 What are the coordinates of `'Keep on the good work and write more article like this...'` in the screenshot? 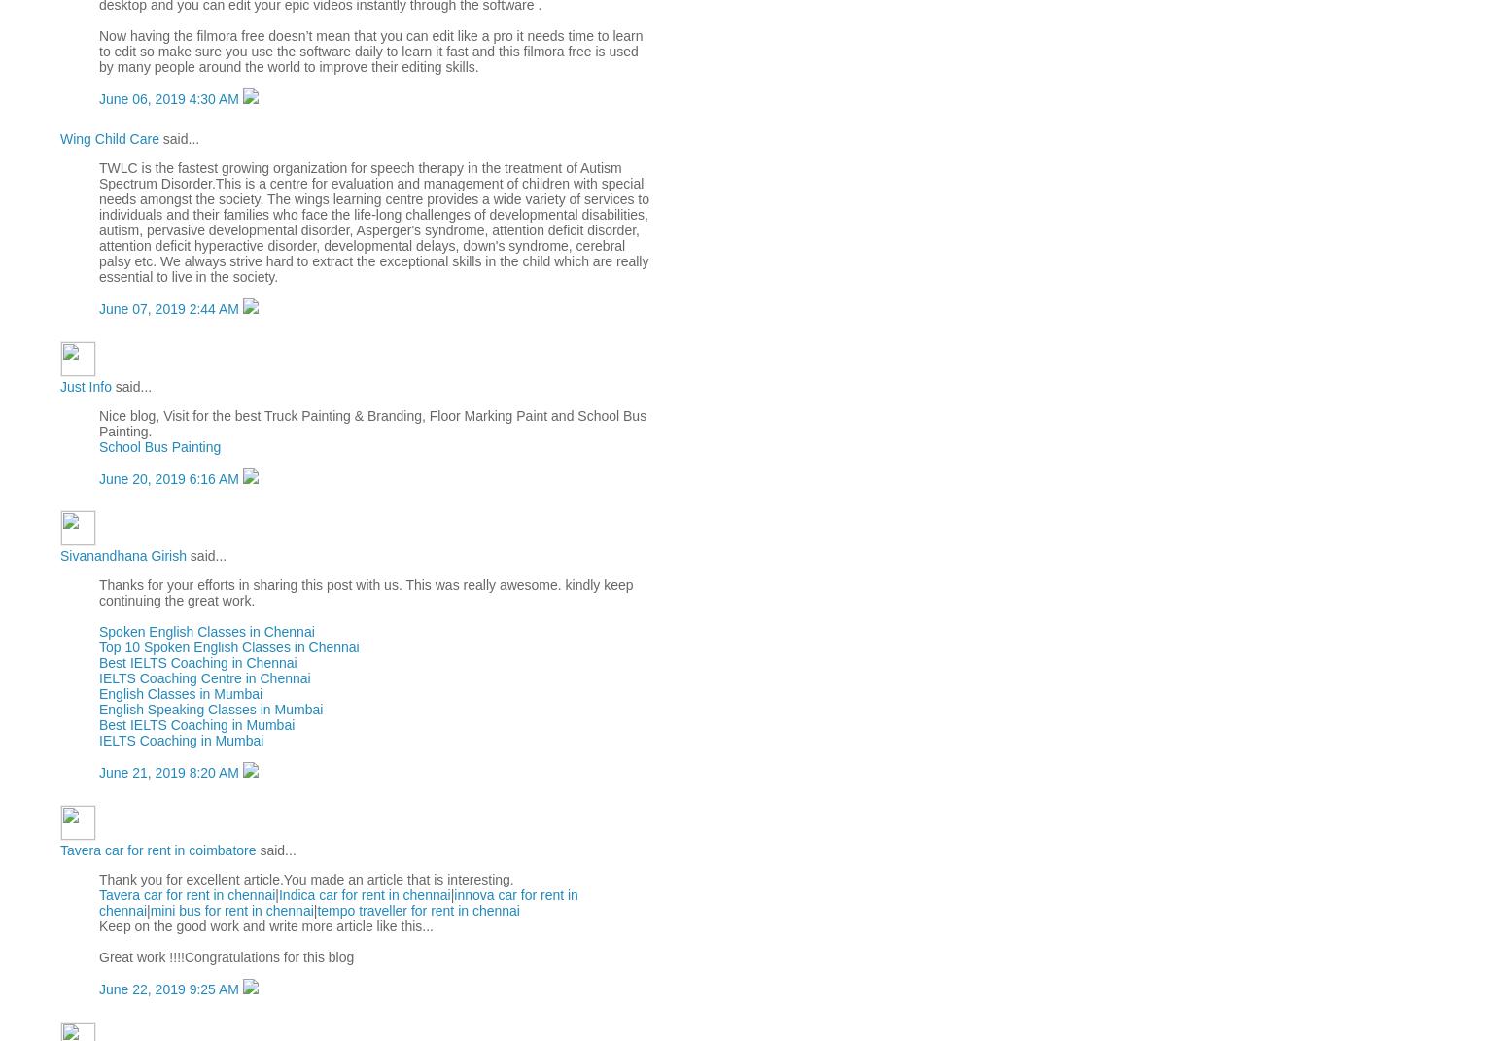 It's located at (265, 924).